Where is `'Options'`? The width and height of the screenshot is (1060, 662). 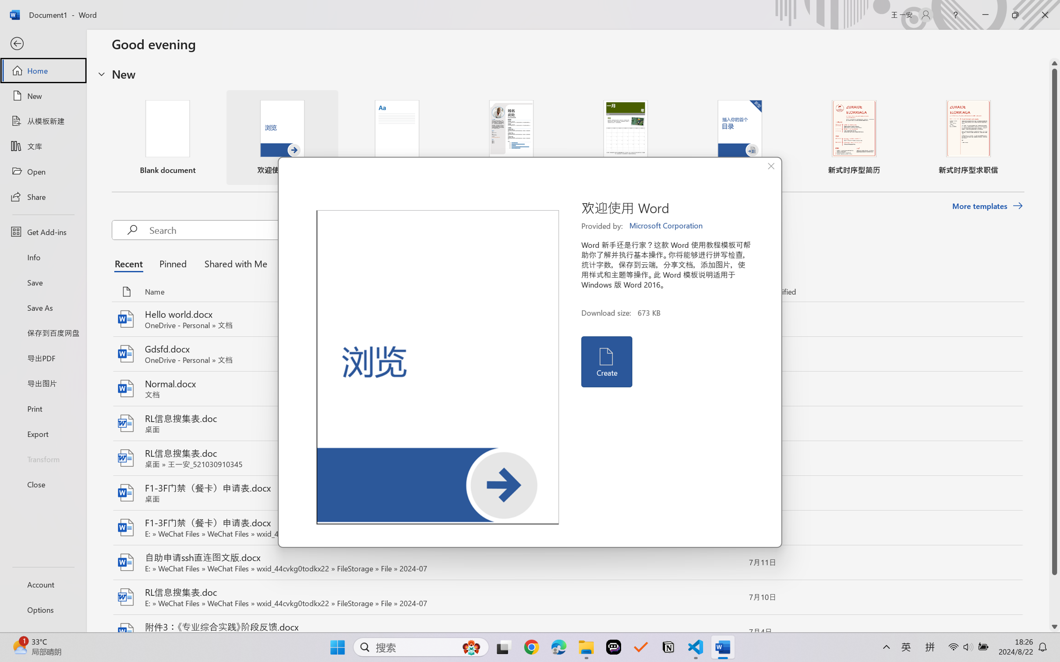 'Options' is located at coordinates (42, 609).